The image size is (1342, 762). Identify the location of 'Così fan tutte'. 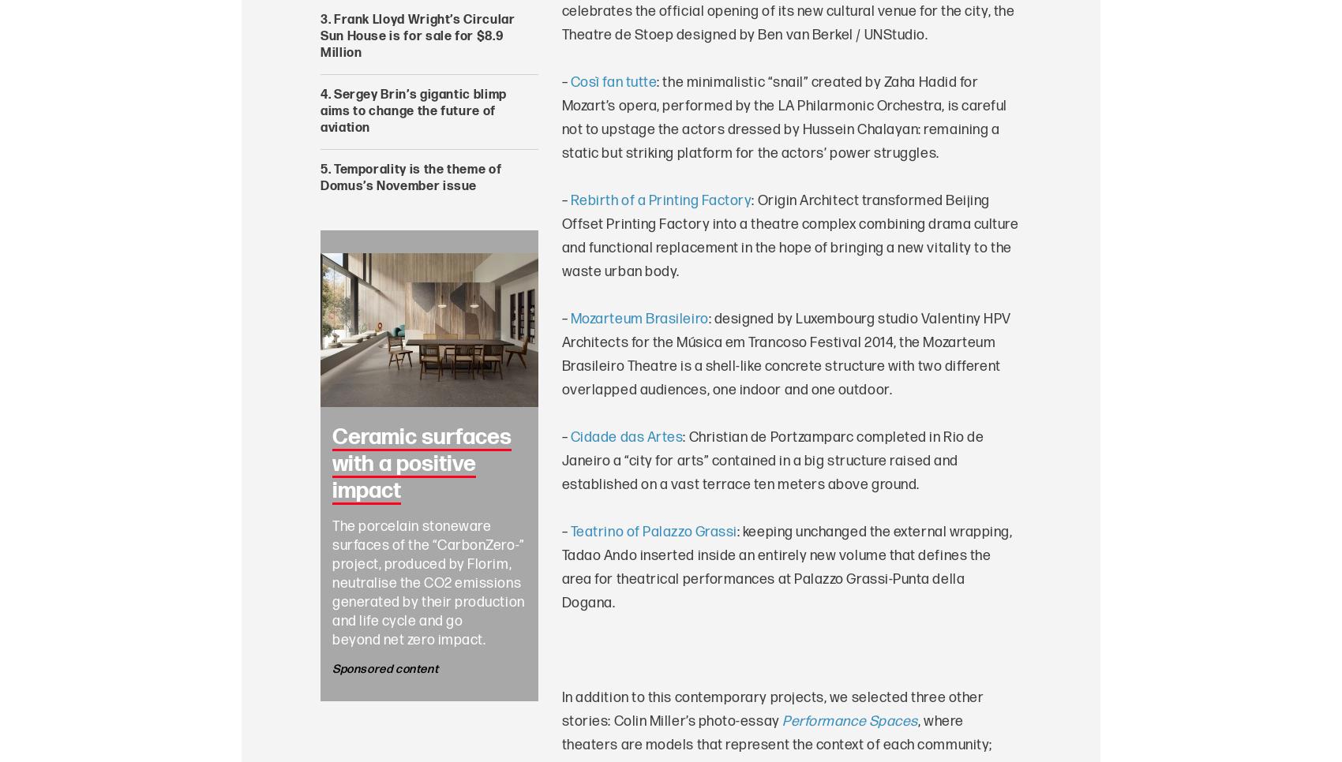
(613, 82).